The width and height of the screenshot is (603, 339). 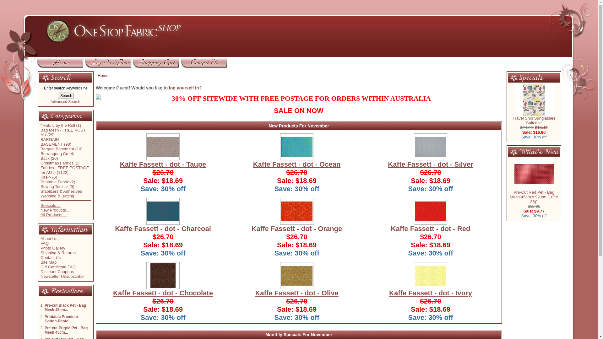 What do you see at coordinates (58, 266) in the screenshot?
I see `'Gift Certificate FAQ'` at bounding box center [58, 266].